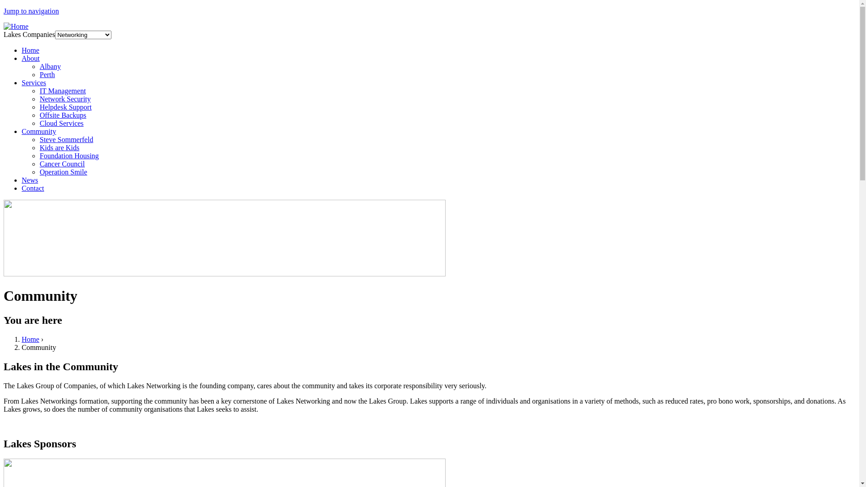 Image resolution: width=866 pixels, height=487 pixels. Describe the element at coordinates (66, 139) in the screenshot. I see `'Steve Sommerfeld'` at that location.